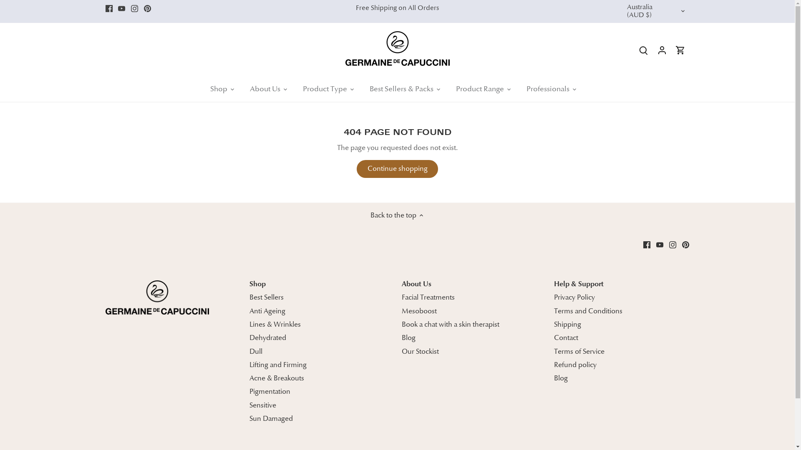  What do you see at coordinates (554, 324) in the screenshot?
I see `'Shipping'` at bounding box center [554, 324].